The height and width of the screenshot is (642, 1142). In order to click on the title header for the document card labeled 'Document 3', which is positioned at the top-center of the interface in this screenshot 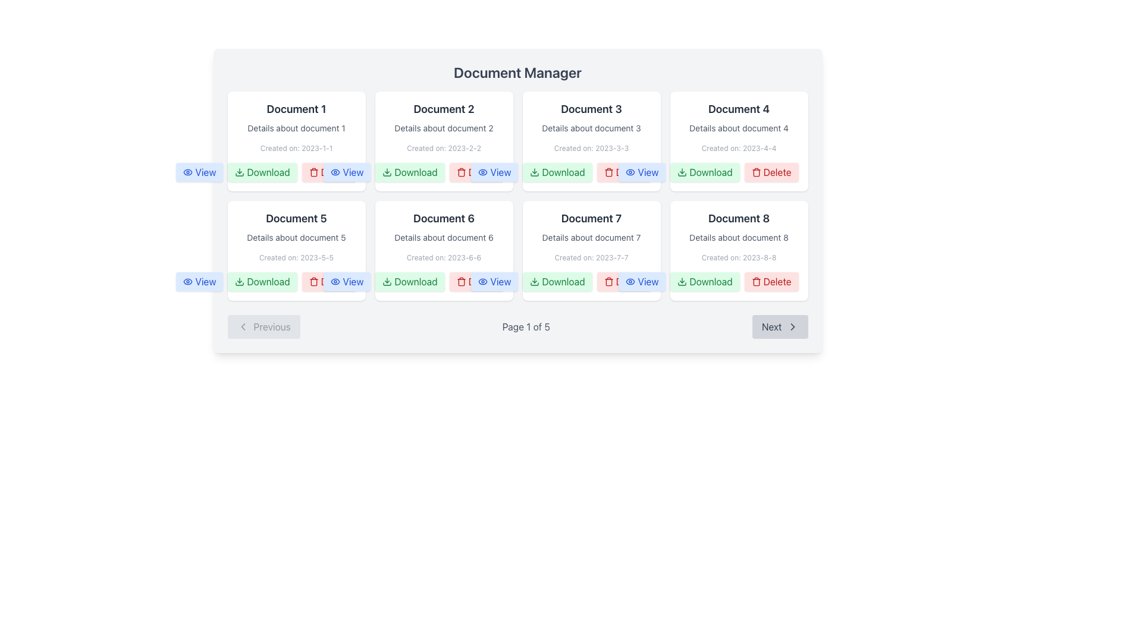, I will do `click(591, 109)`.